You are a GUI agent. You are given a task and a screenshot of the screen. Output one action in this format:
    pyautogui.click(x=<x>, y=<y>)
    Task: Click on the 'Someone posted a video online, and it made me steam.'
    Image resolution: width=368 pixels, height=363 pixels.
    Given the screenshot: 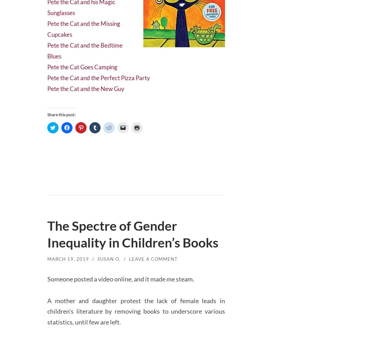 What is the action you would take?
    pyautogui.click(x=120, y=289)
    